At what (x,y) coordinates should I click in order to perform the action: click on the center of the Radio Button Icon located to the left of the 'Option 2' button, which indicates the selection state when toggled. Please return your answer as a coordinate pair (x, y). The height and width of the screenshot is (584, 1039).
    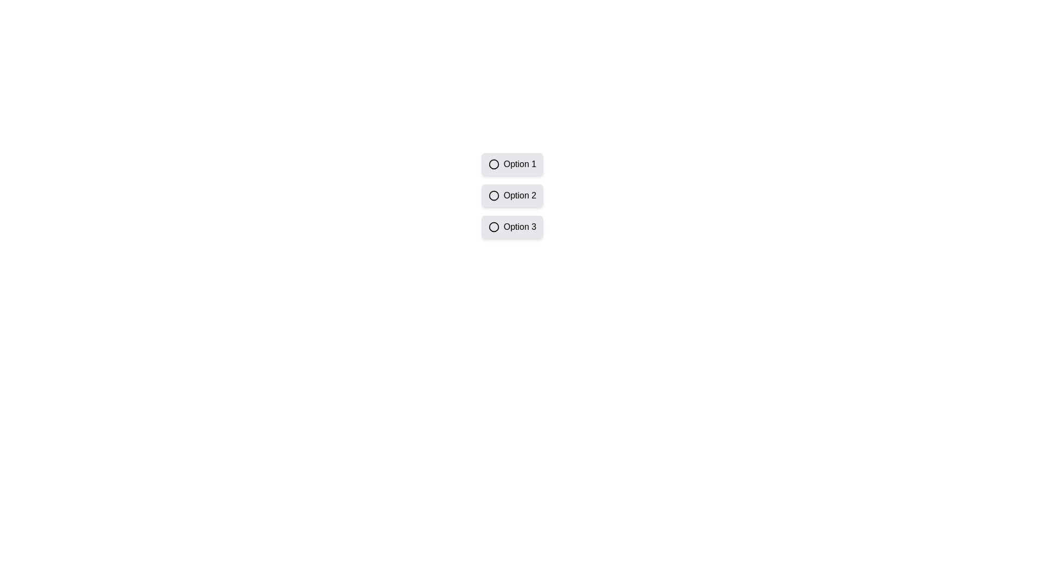
    Looking at the image, I should click on (493, 196).